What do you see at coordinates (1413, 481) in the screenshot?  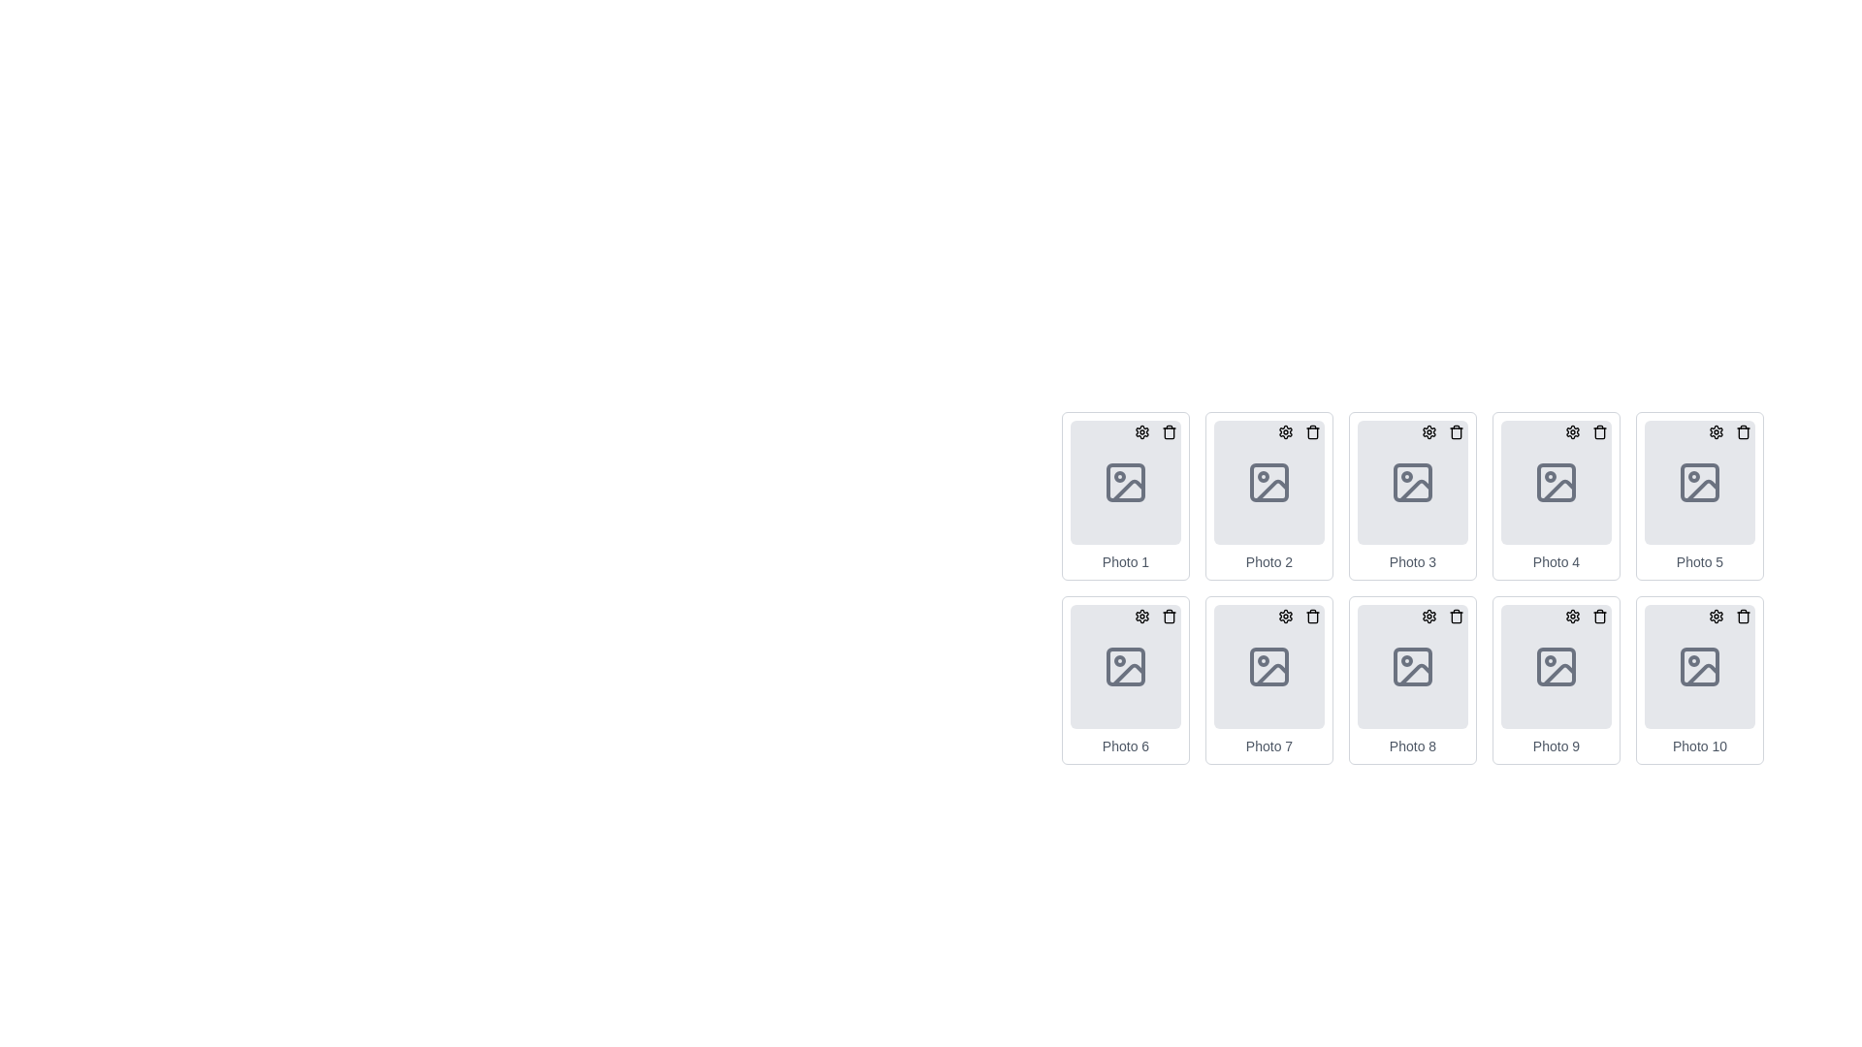 I see `the Image placeholder located in the third card labeled 'Photo 3', which has a light gray background and a central gray line-drawn image icon` at bounding box center [1413, 481].